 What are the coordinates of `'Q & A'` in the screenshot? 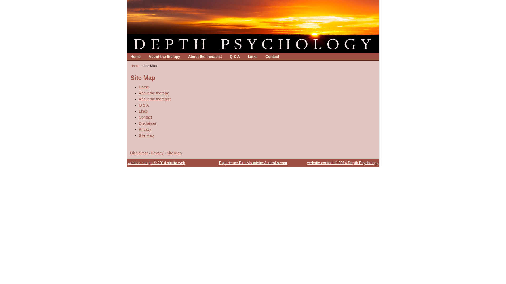 It's located at (235, 57).